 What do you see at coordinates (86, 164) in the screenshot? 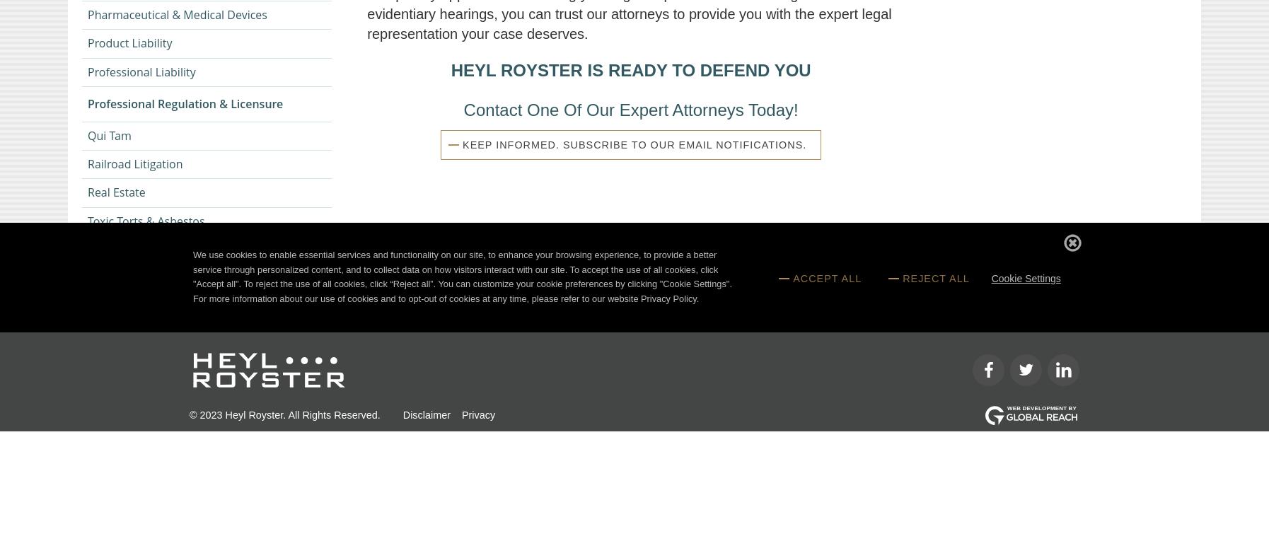
I see `'Railroad Litigation'` at bounding box center [86, 164].